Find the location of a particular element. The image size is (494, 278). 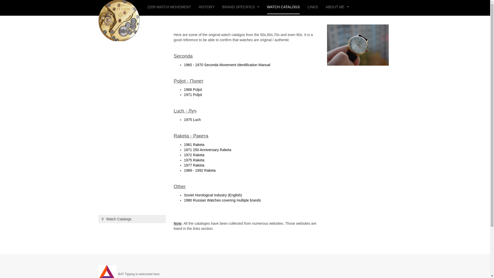

'LINKS' is located at coordinates (312, 7).